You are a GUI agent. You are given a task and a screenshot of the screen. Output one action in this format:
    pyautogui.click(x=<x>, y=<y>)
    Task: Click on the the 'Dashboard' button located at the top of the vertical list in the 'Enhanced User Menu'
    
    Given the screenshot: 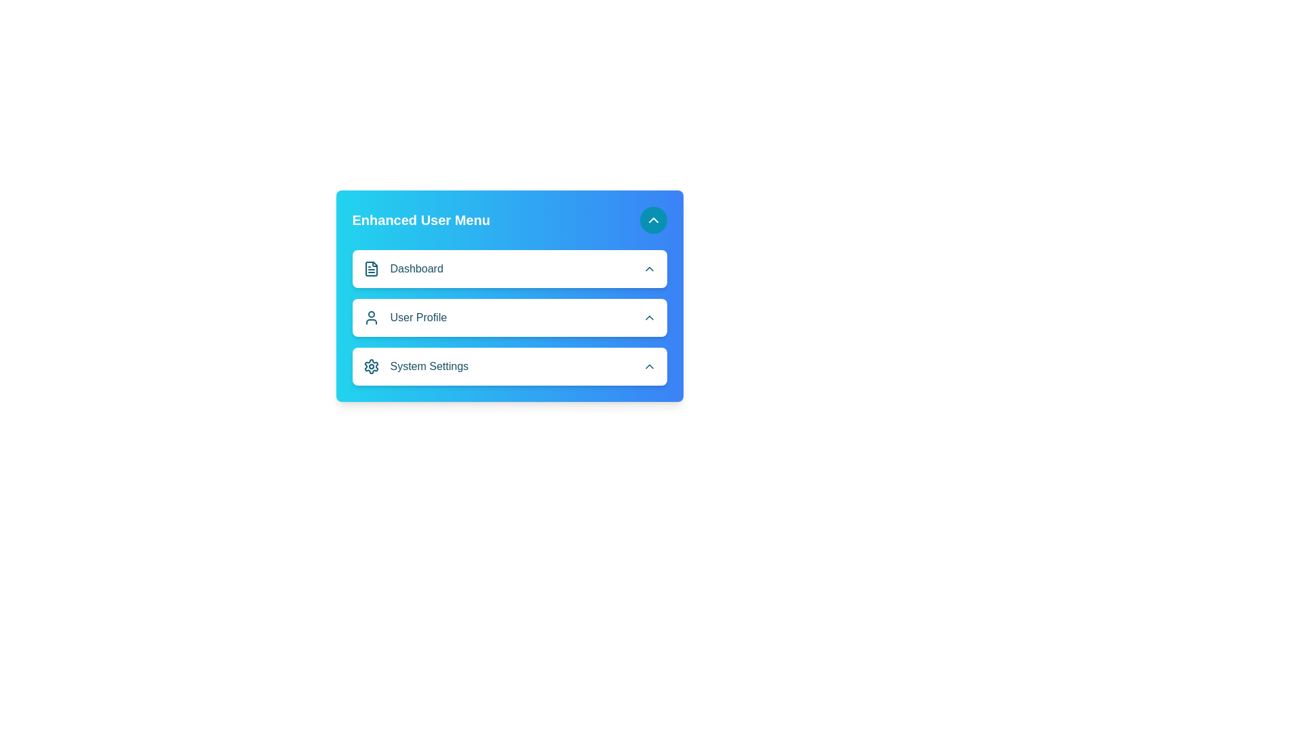 What is the action you would take?
    pyautogui.click(x=509, y=269)
    